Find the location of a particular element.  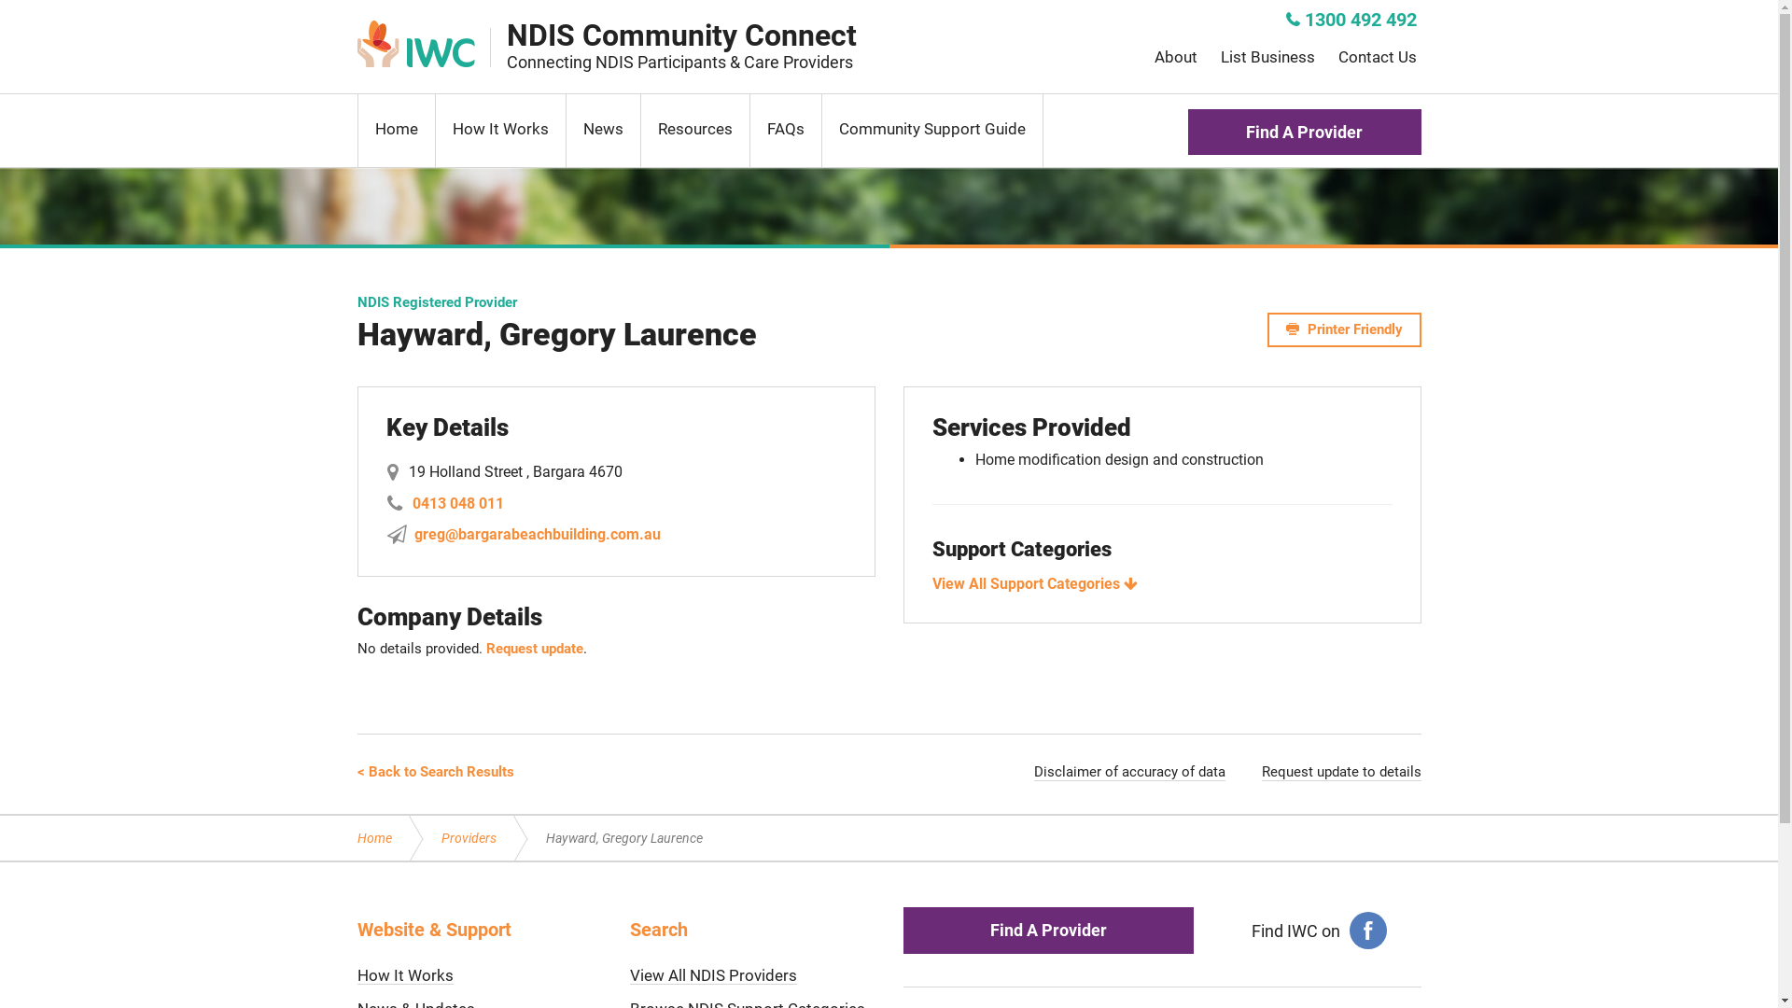

'News' is located at coordinates (602, 129).